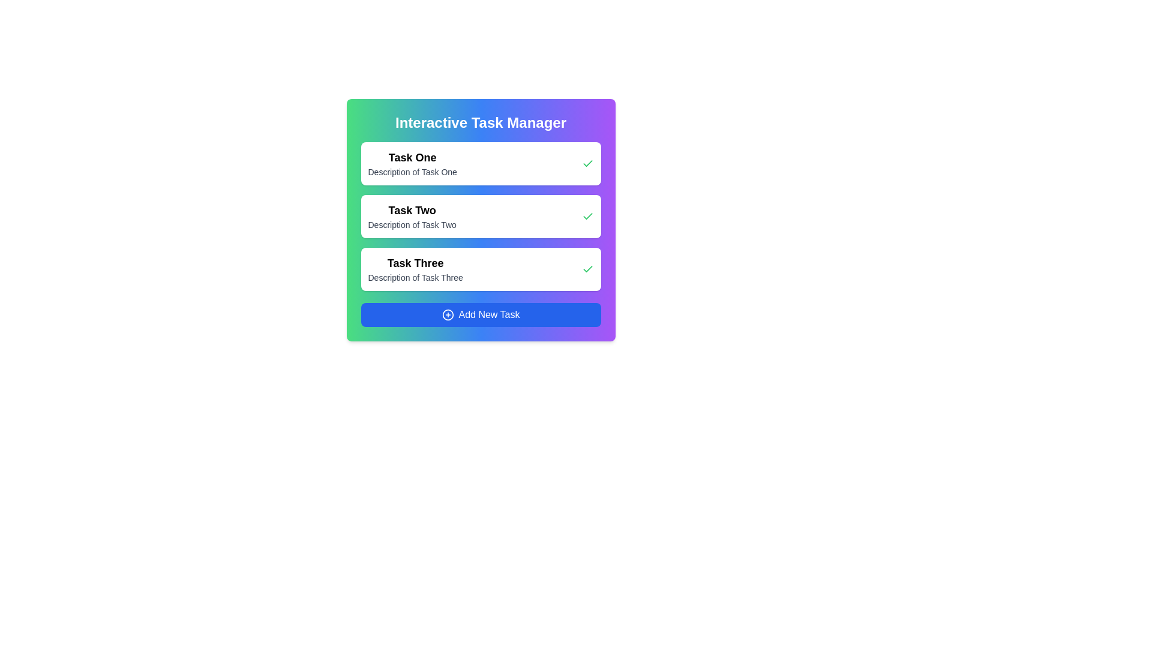 The image size is (1152, 648). What do you see at coordinates (447, 314) in the screenshot?
I see `the circle graphic element that represents adding or creating new items, which is located to the left of the 'Add New Task' button` at bounding box center [447, 314].